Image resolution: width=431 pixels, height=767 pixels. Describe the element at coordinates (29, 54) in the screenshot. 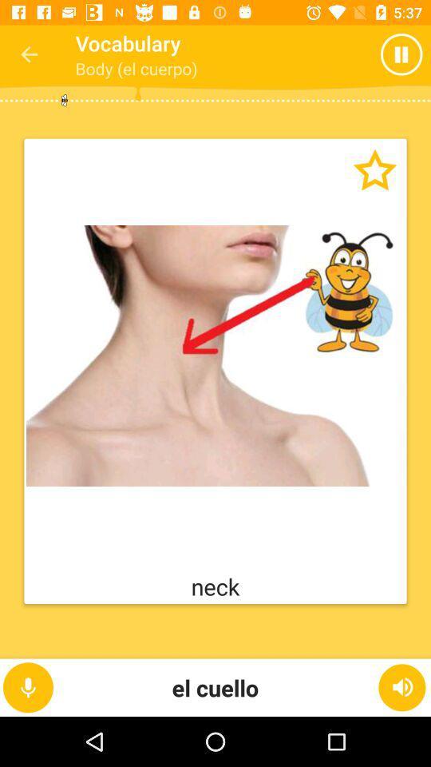

I see `icon to the left of the vocabulary icon` at that location.